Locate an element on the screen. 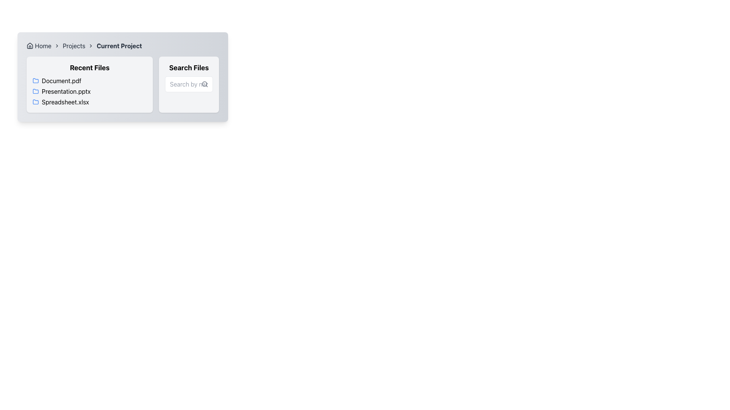 The width and height of the screenshot is (730, 410). the text label representing the filename in the 'Recent Files' section, which is the first item in the vertical list next to a blue folder icon is located at coordinates (62, 80).